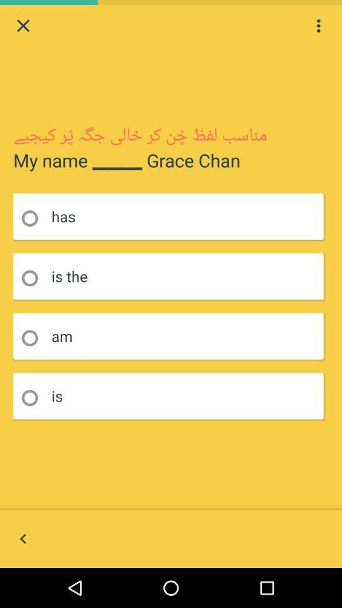 The image size is (342, 608). Describe the element at coordinates (34, 278) in the screenshot. I see `field` at that location.